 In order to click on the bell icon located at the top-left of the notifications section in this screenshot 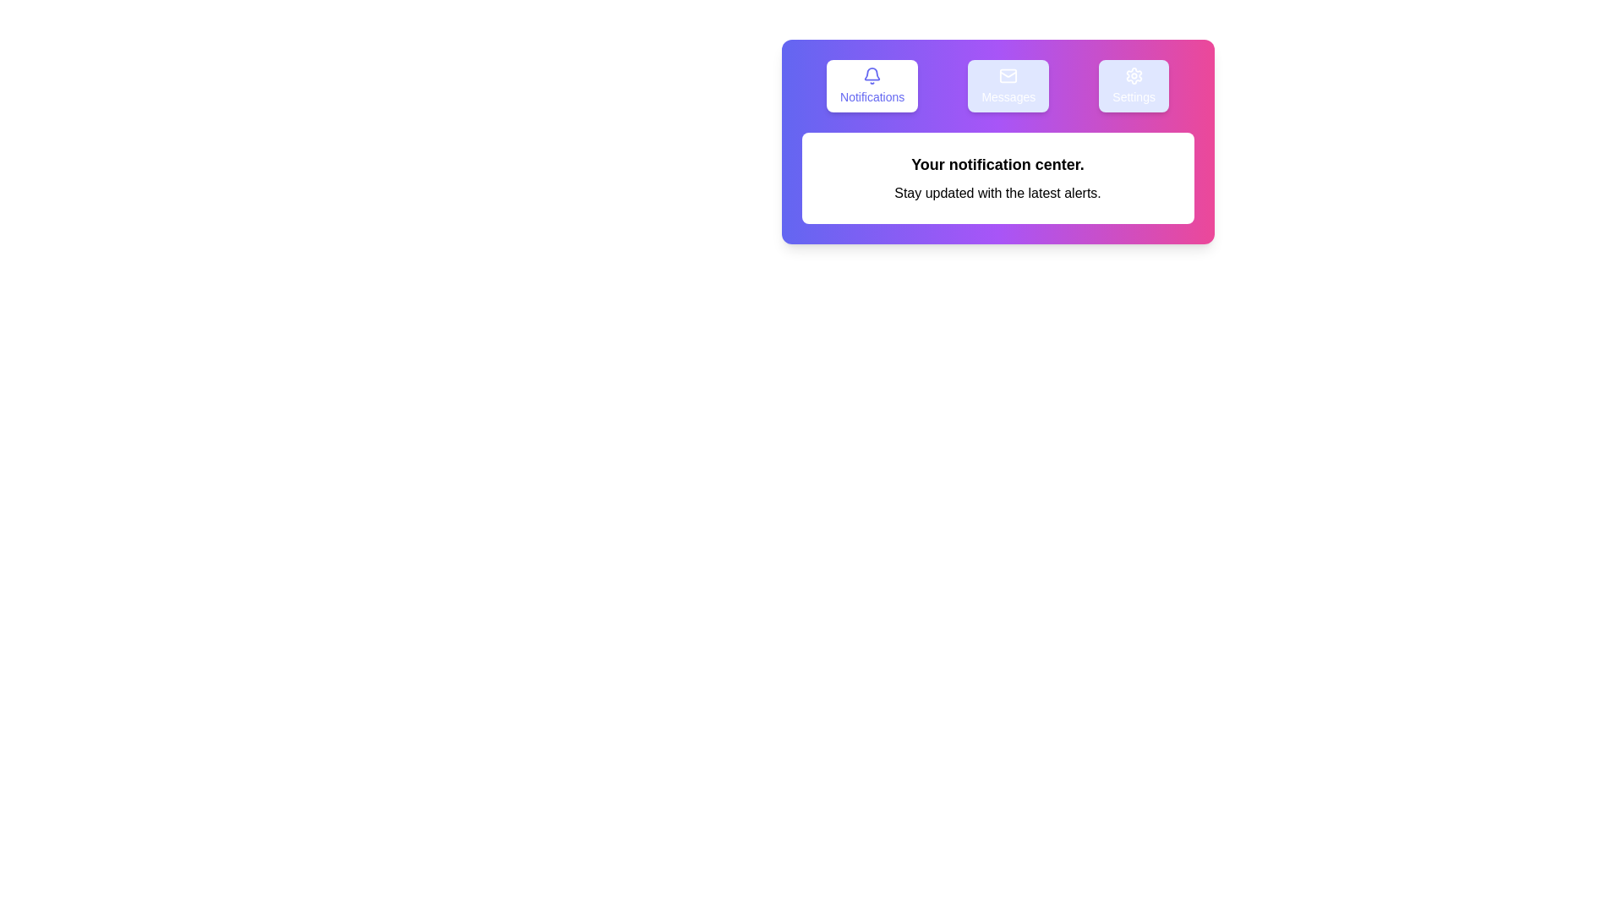, I will do `click(872, 74)`.